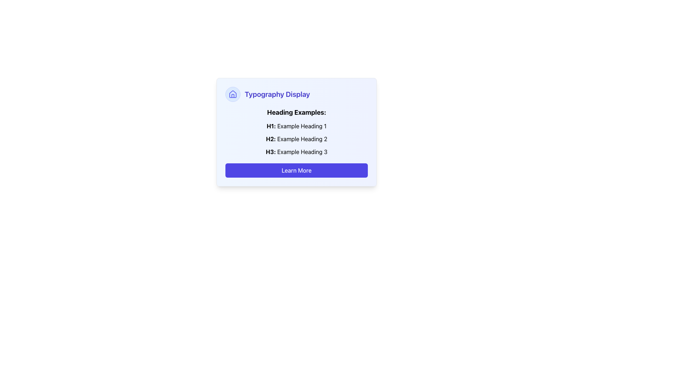 The width and height of the screenshot is (687, 386). I want to click on the navigation button located at the bottom of the card component, so click(297, 170).